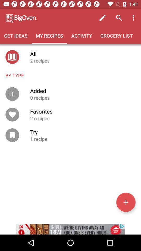  What do you see at coordinates (70, 226) in the screenshot?
I see `advertisement` at bounding box center [70, 226].